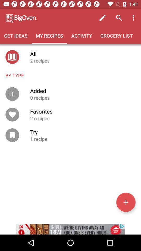  What do you see at coordinates (70, 226) in the screenshot?
I see `advertisement` at bounding box center [70, 226].